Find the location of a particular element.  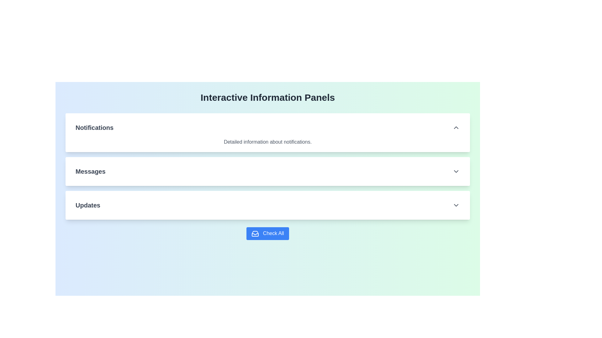

the Text label that serves as a heading for the collapsible notification panel under 'Interactive Information Panels' is located at coordinates (94, 127).